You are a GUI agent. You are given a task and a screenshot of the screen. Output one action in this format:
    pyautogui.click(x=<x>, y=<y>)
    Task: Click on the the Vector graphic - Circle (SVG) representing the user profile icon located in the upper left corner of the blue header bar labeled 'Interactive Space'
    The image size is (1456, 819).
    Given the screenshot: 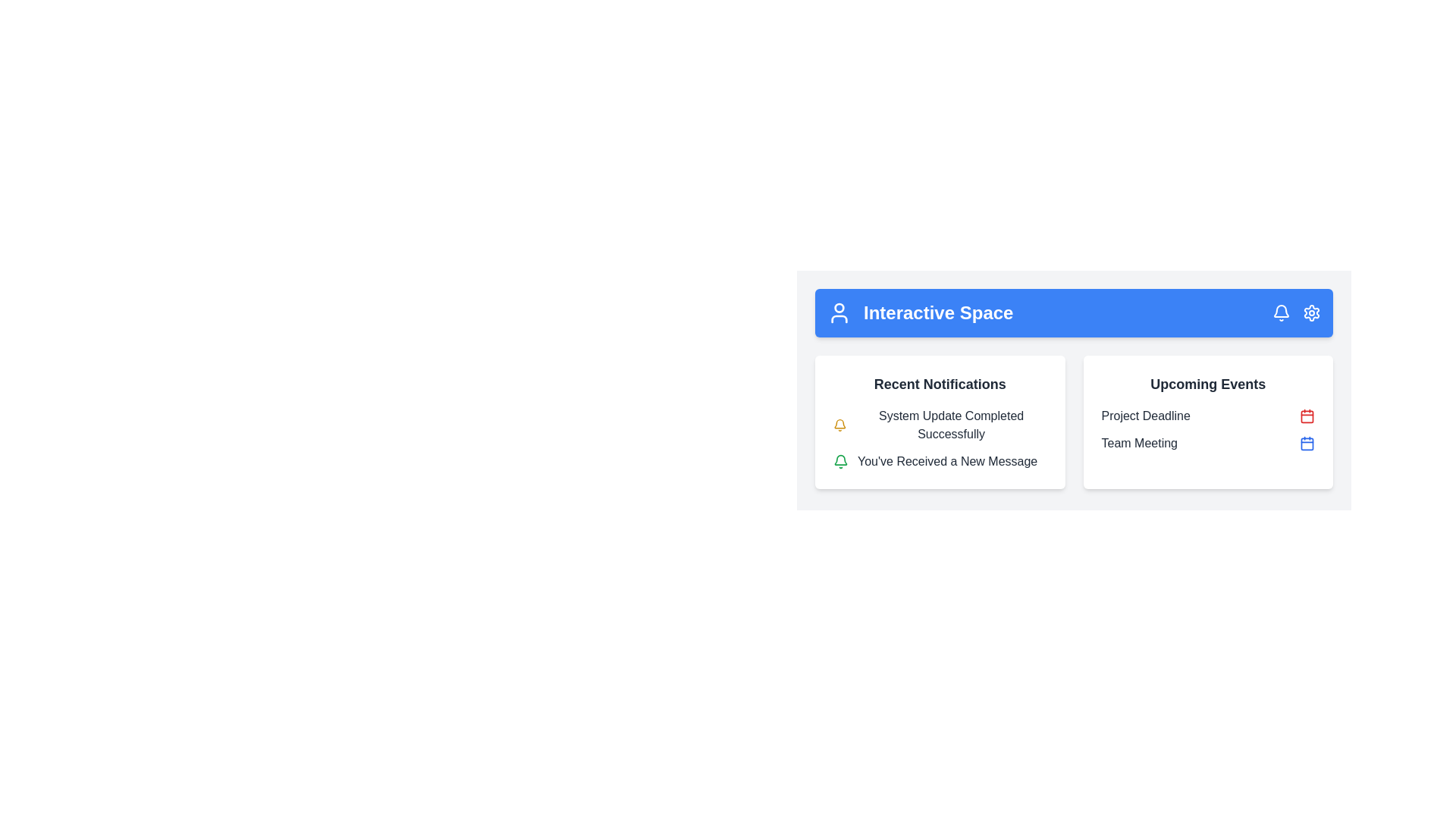 What is the action you would take?
    pyautogui.click(x=839, y=307)
    